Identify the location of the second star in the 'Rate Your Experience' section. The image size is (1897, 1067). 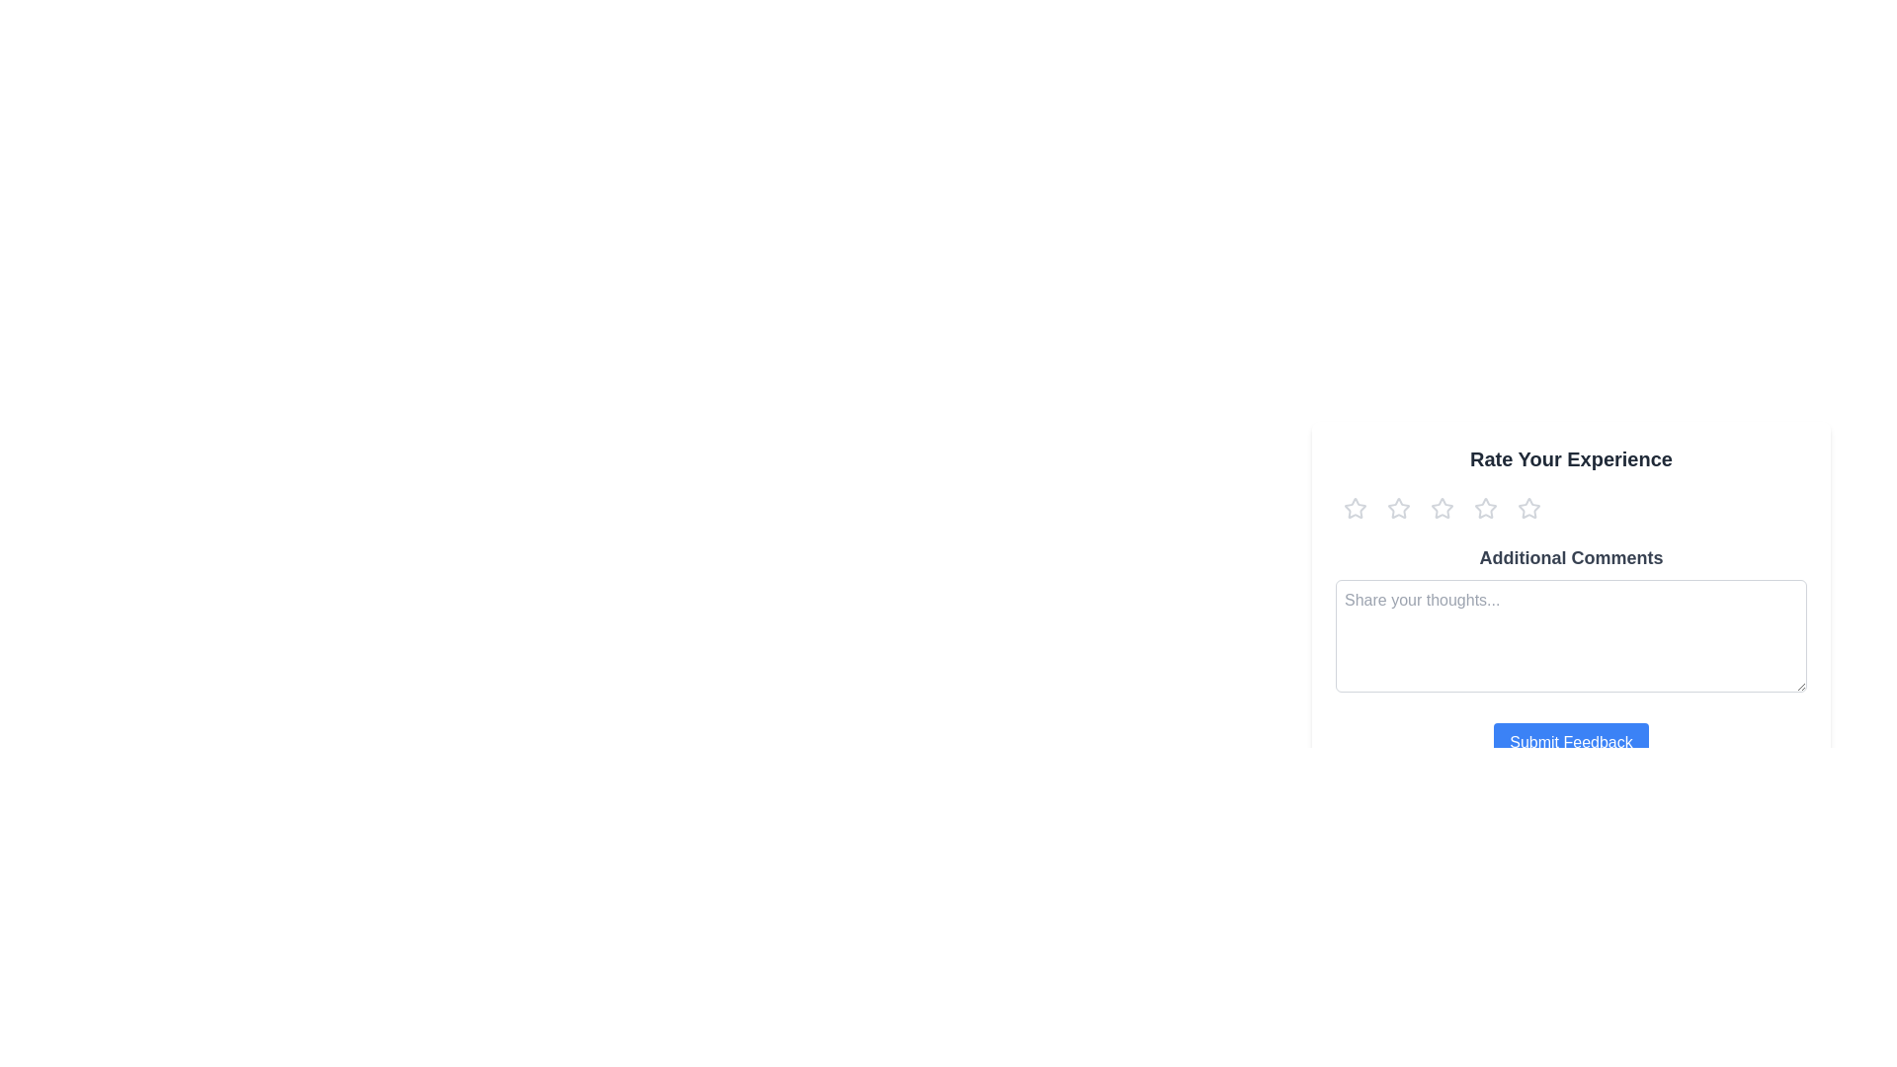
(1397, 506).